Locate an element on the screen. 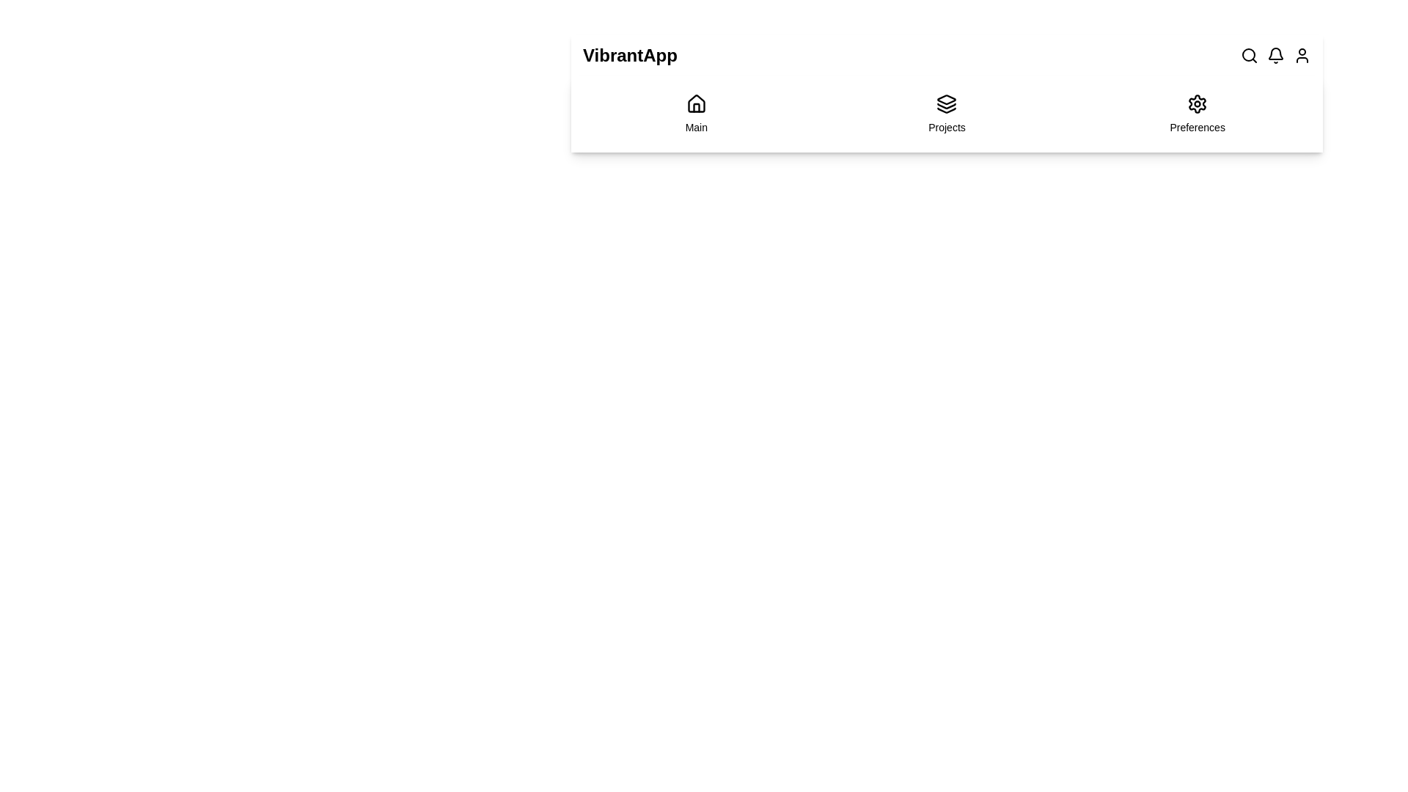 The height and width of the screenshot is (792, 1408). the navigation item labeled Preferences is located at coordinates (1198, 113).